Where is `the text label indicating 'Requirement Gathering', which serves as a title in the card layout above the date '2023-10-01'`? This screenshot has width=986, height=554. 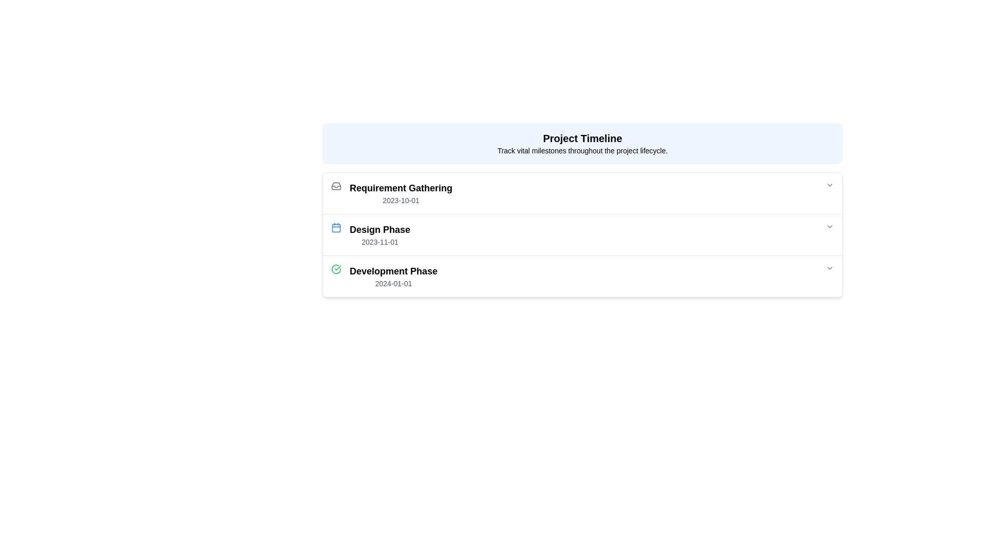 the text label indicating 'Requirement Gathering', which serves as a title in the card layout above the date '2023-10-01' is located at coordinates (401, 188).